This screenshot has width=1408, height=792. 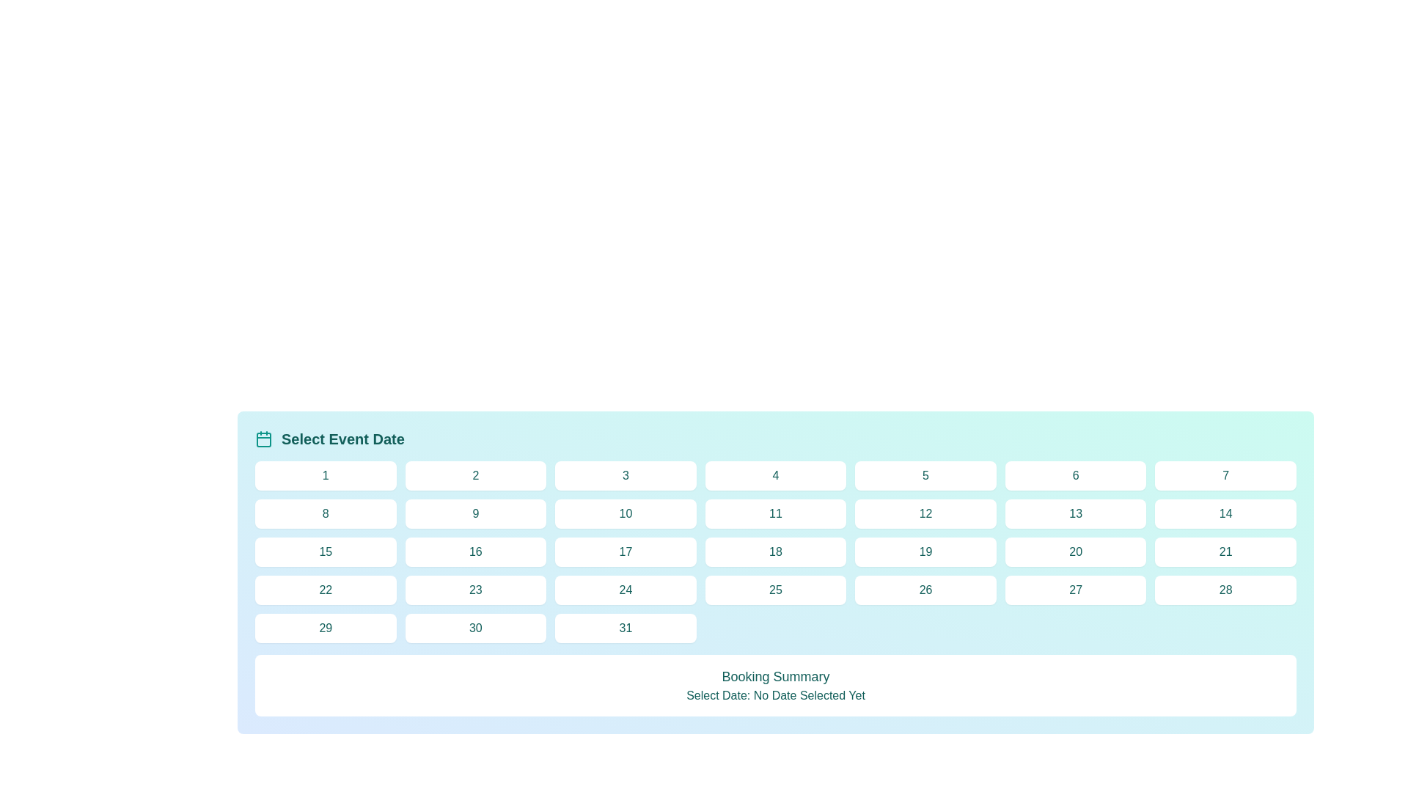 I want to click on the rectangular button labeled '12' with a white background and teal text, so click(x=925, y=513).